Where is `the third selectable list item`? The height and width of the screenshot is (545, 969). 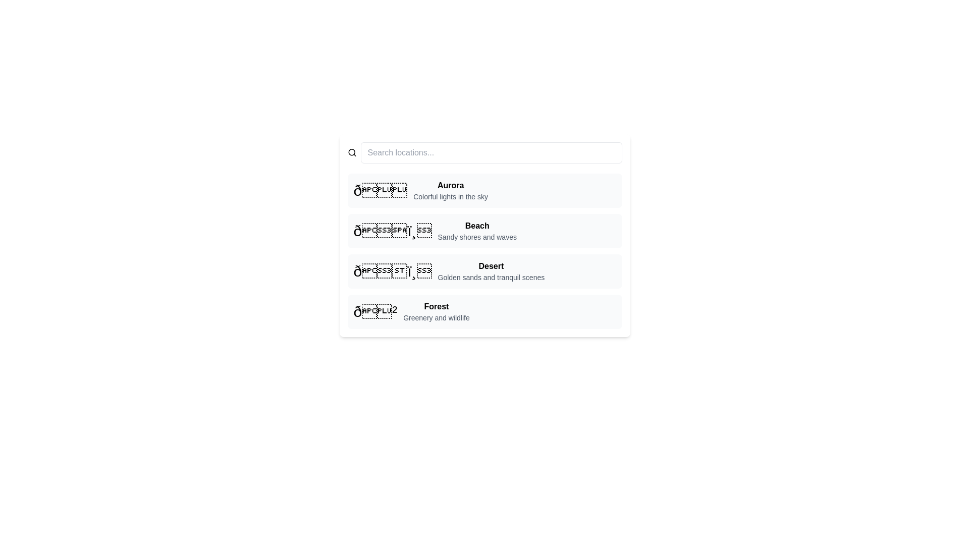 the third selectable list item is located at coordinates (484, 270).